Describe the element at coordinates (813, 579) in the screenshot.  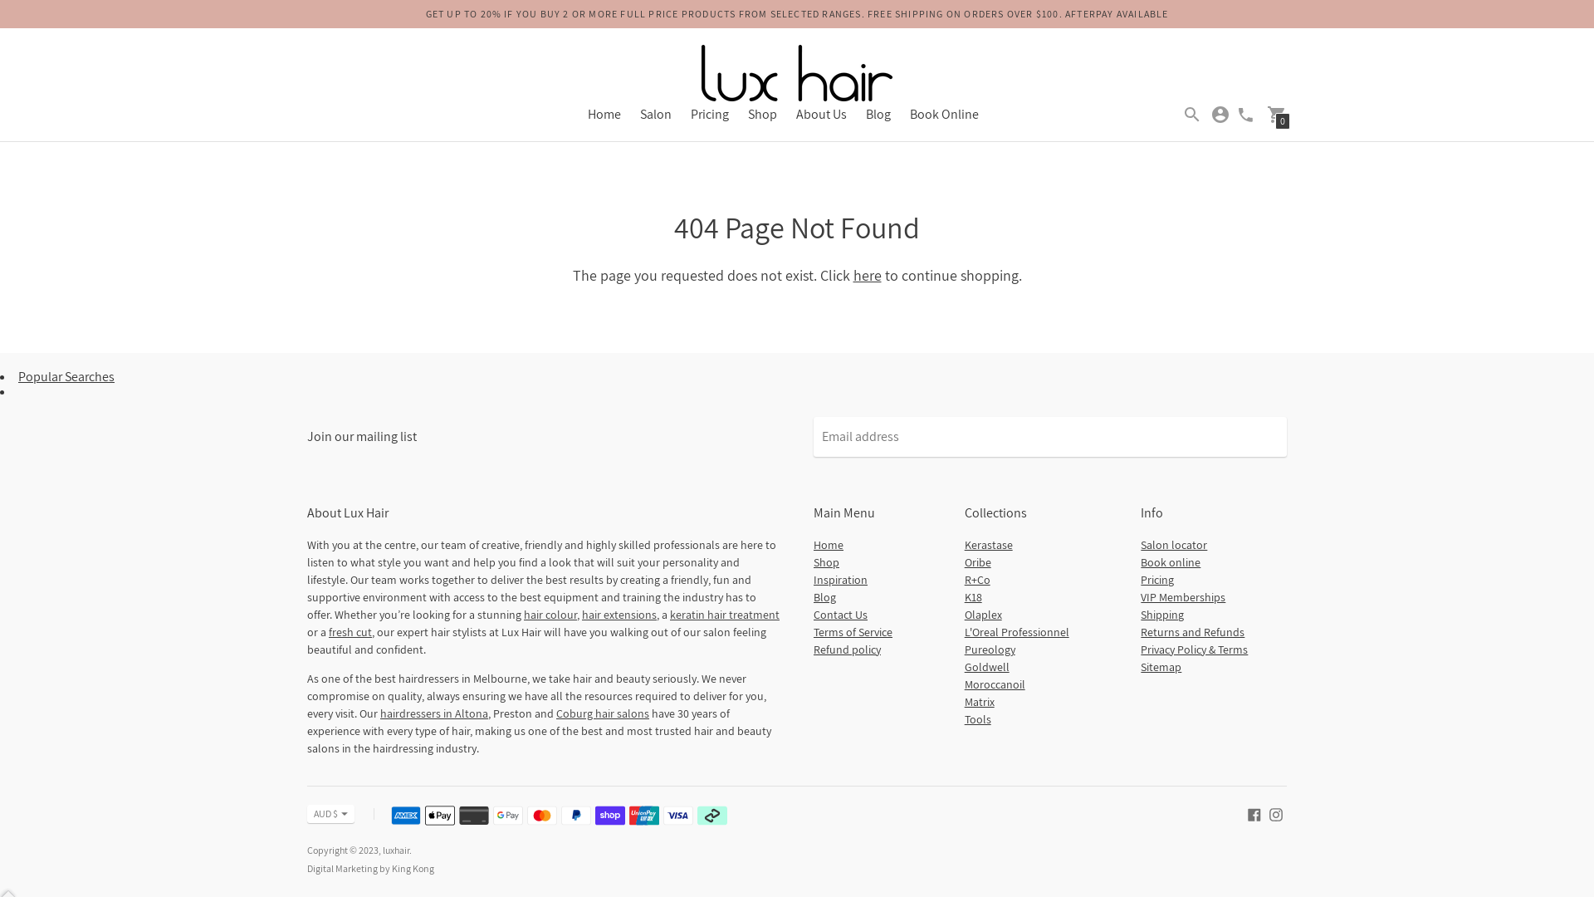
I see `'Inspiration'` at that location.